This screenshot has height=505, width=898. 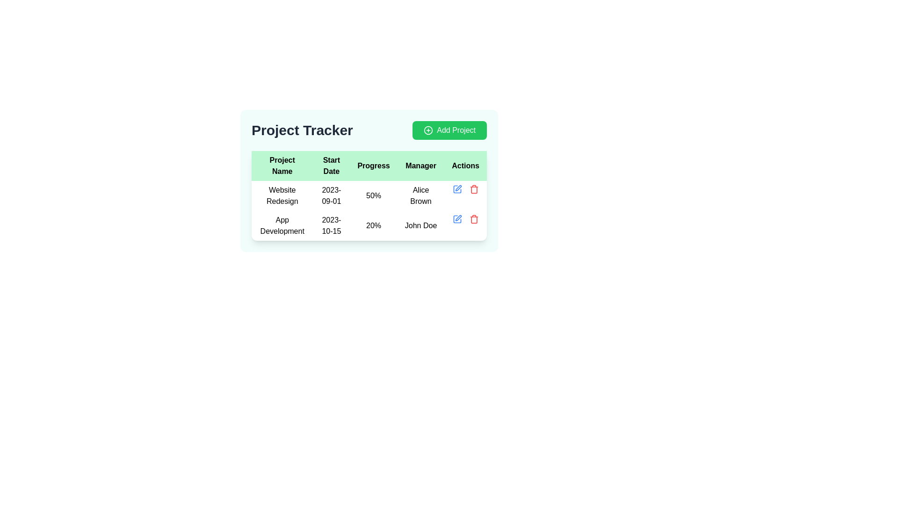 What do you see at coordinates (458, 218) in the screenshot?
I see `the edit icon in the actions column of the second row in the project tracker table` at bounding box center [458, 218].